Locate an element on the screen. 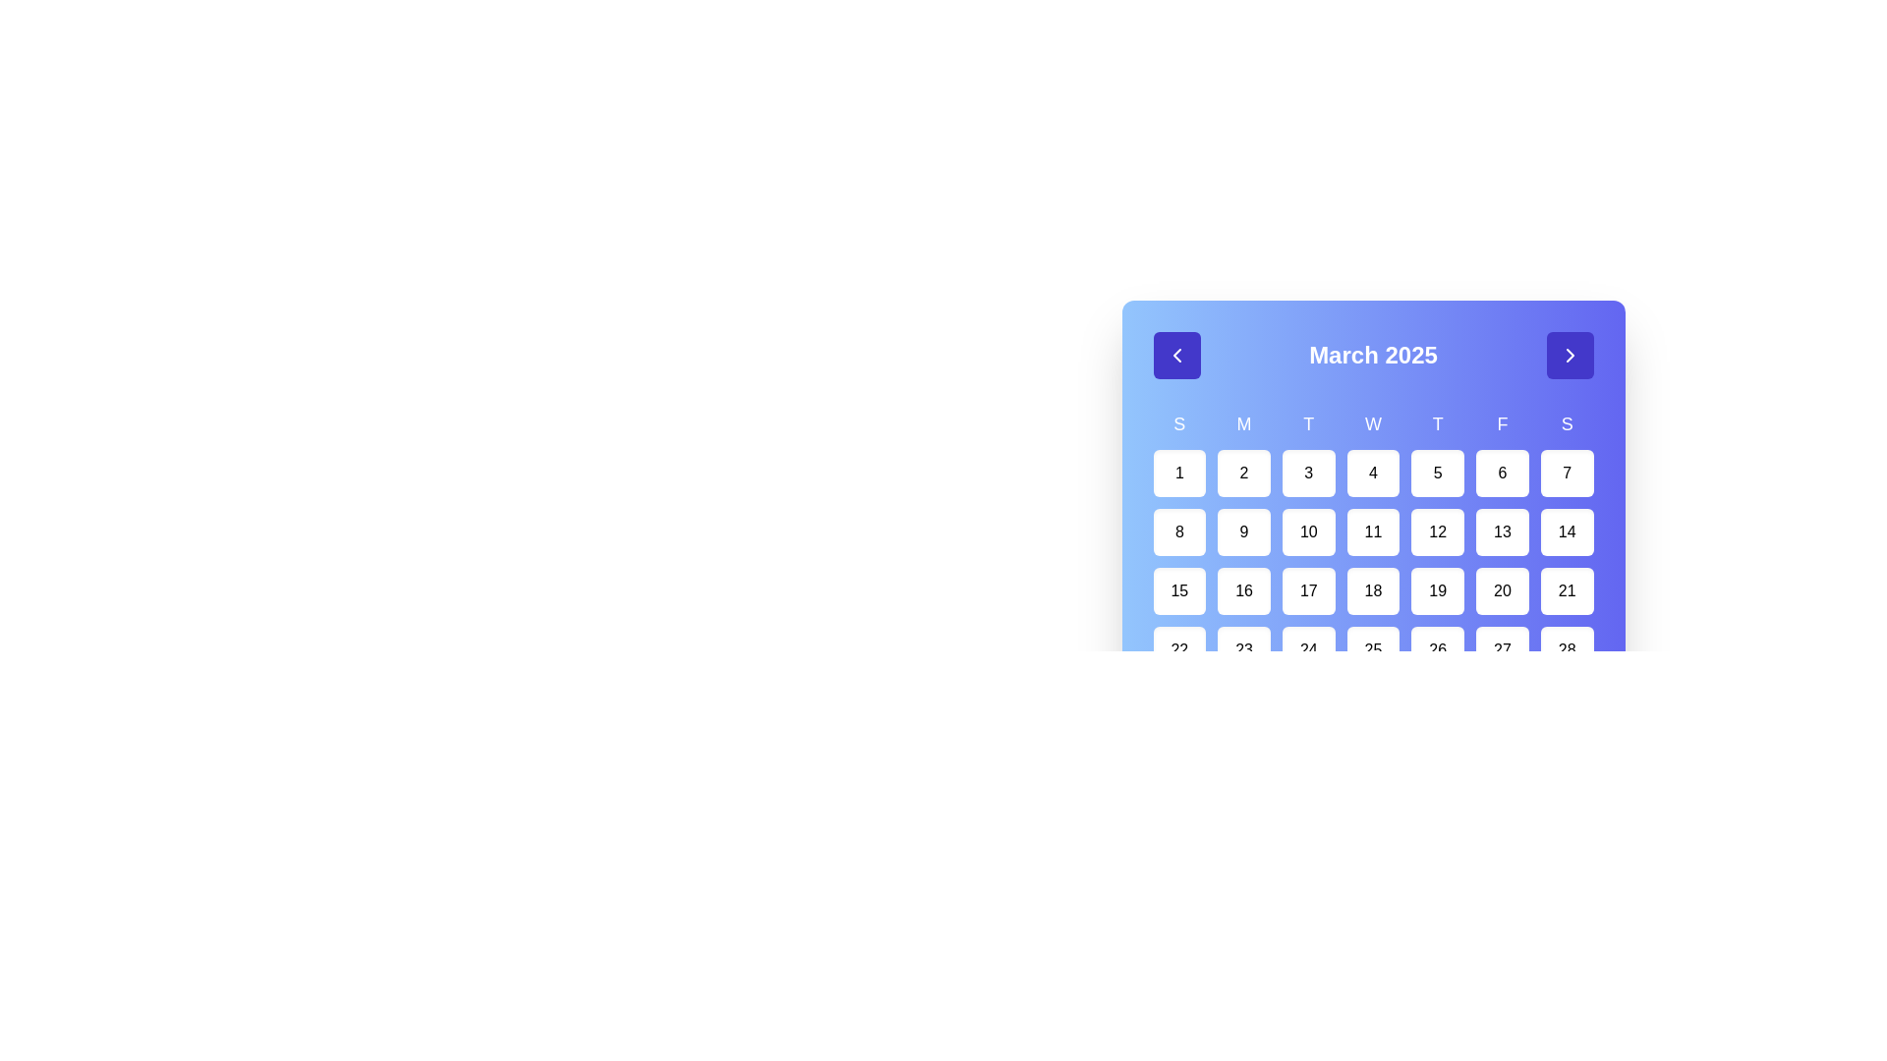  the 'next' navigation button located in the top-right corner of the calendar interface, which is part of the control bar displaying 'March 2025.' is located at coordinates (1569, 356).